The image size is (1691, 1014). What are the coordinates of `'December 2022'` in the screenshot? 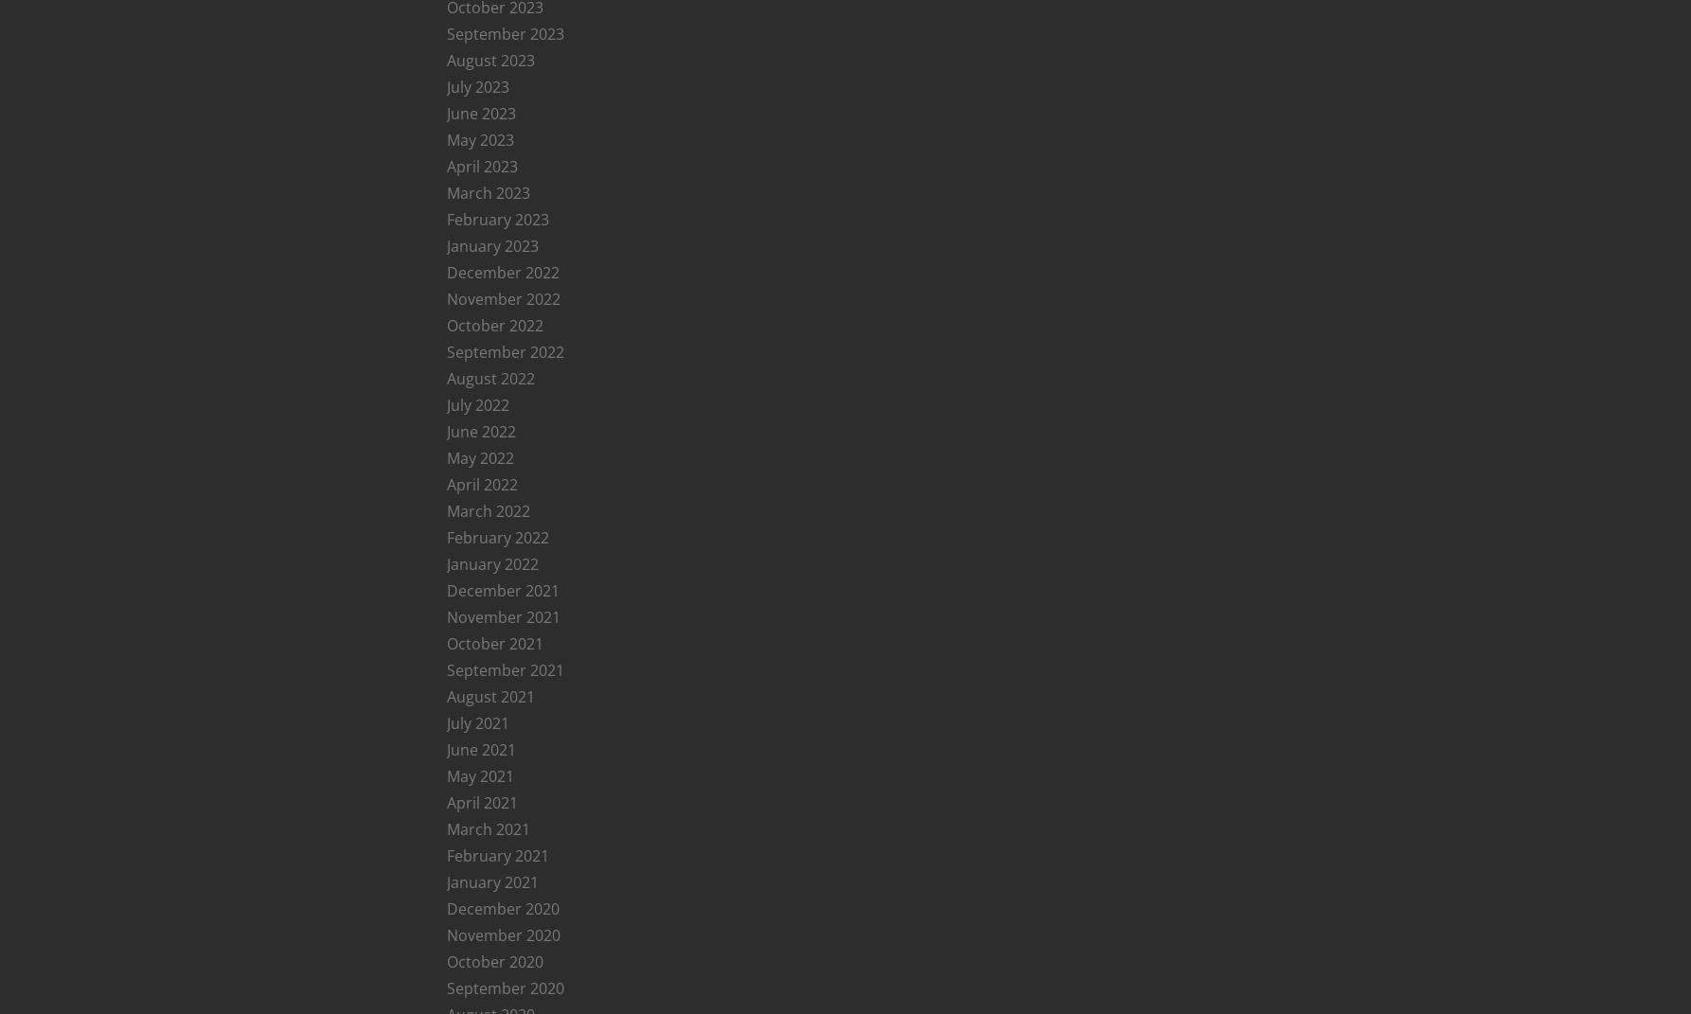 It's located at (444, 272).